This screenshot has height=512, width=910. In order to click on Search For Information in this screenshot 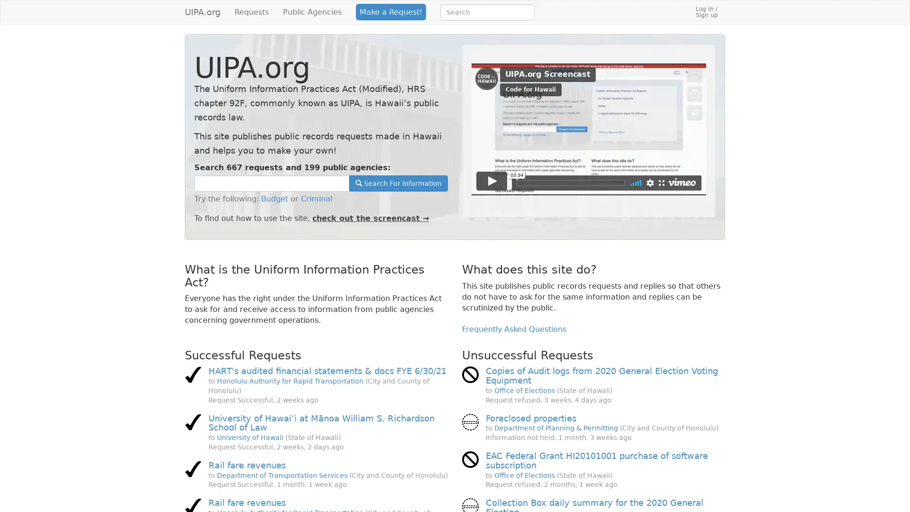, I will do `click(398, 183)`.